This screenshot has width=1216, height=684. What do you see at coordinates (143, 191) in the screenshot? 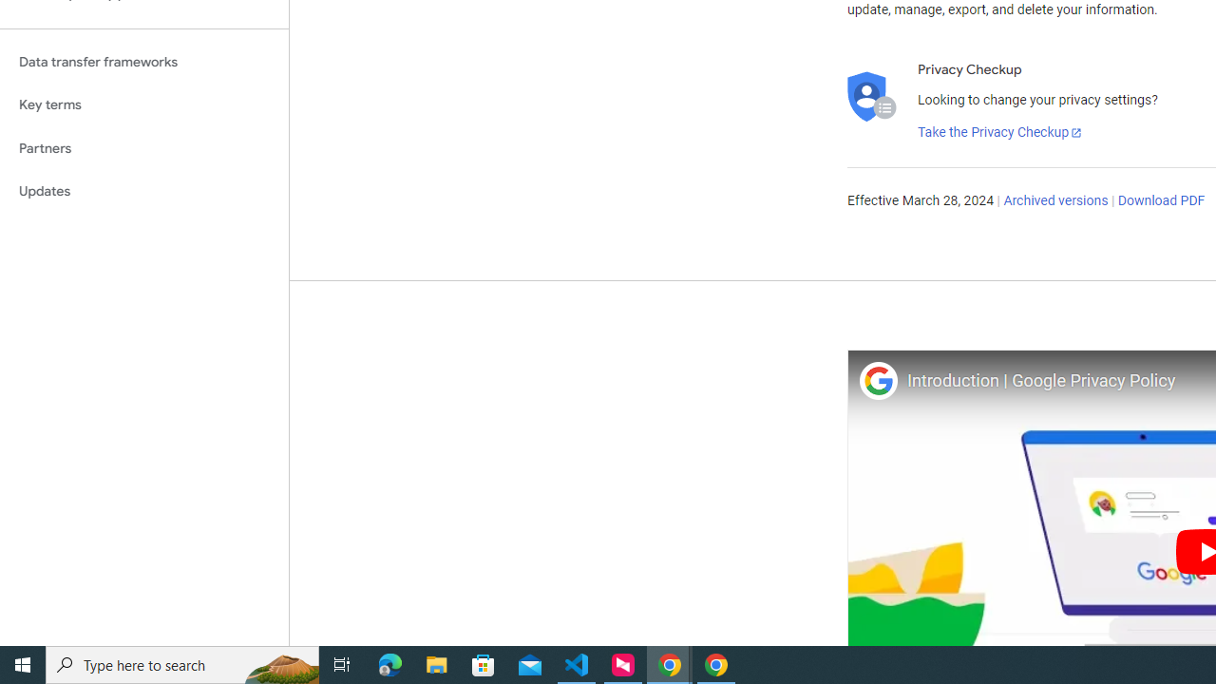
I see `'Updates'` at bounding box center [143, 191].